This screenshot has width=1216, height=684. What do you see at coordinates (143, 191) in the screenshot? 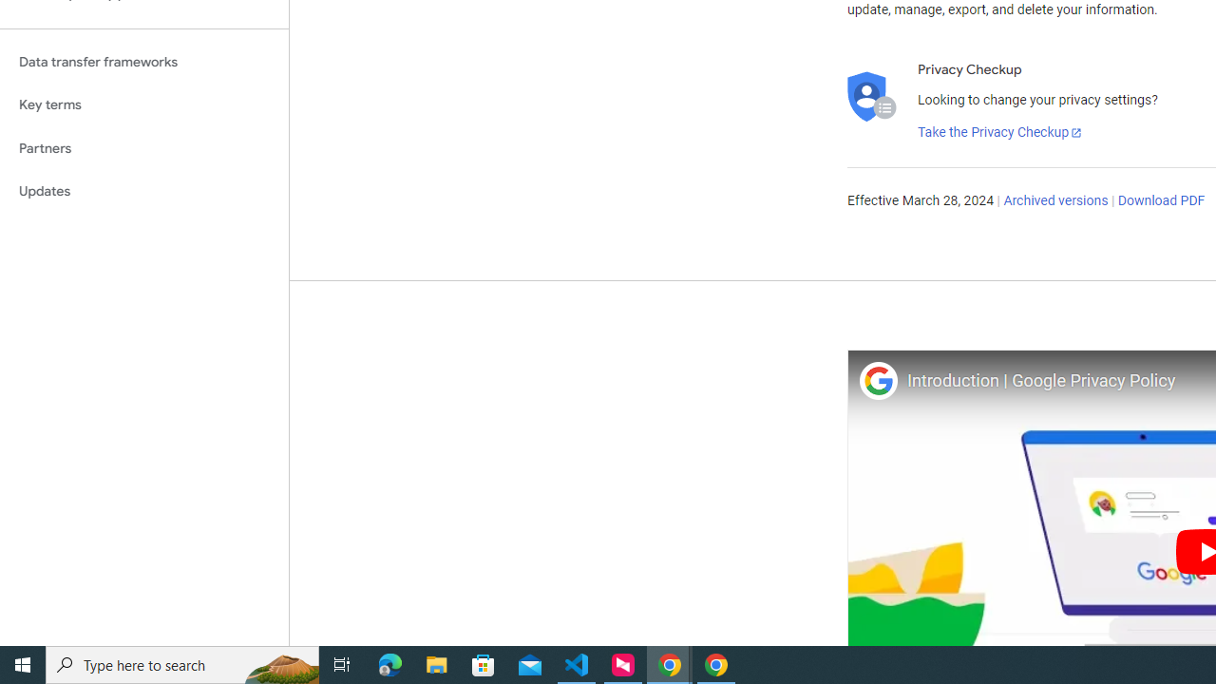
I see `'Updates'` at bounding box center [143, 191].